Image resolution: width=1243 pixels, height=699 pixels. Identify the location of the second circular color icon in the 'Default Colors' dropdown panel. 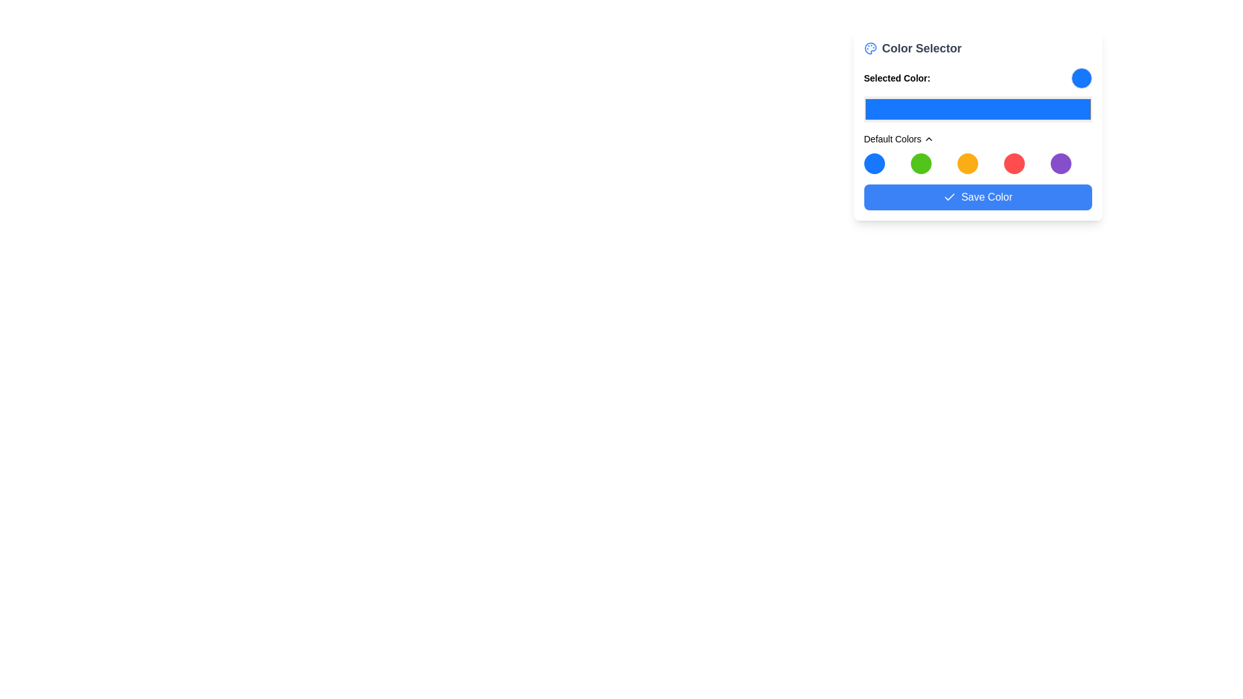
(920, 163).